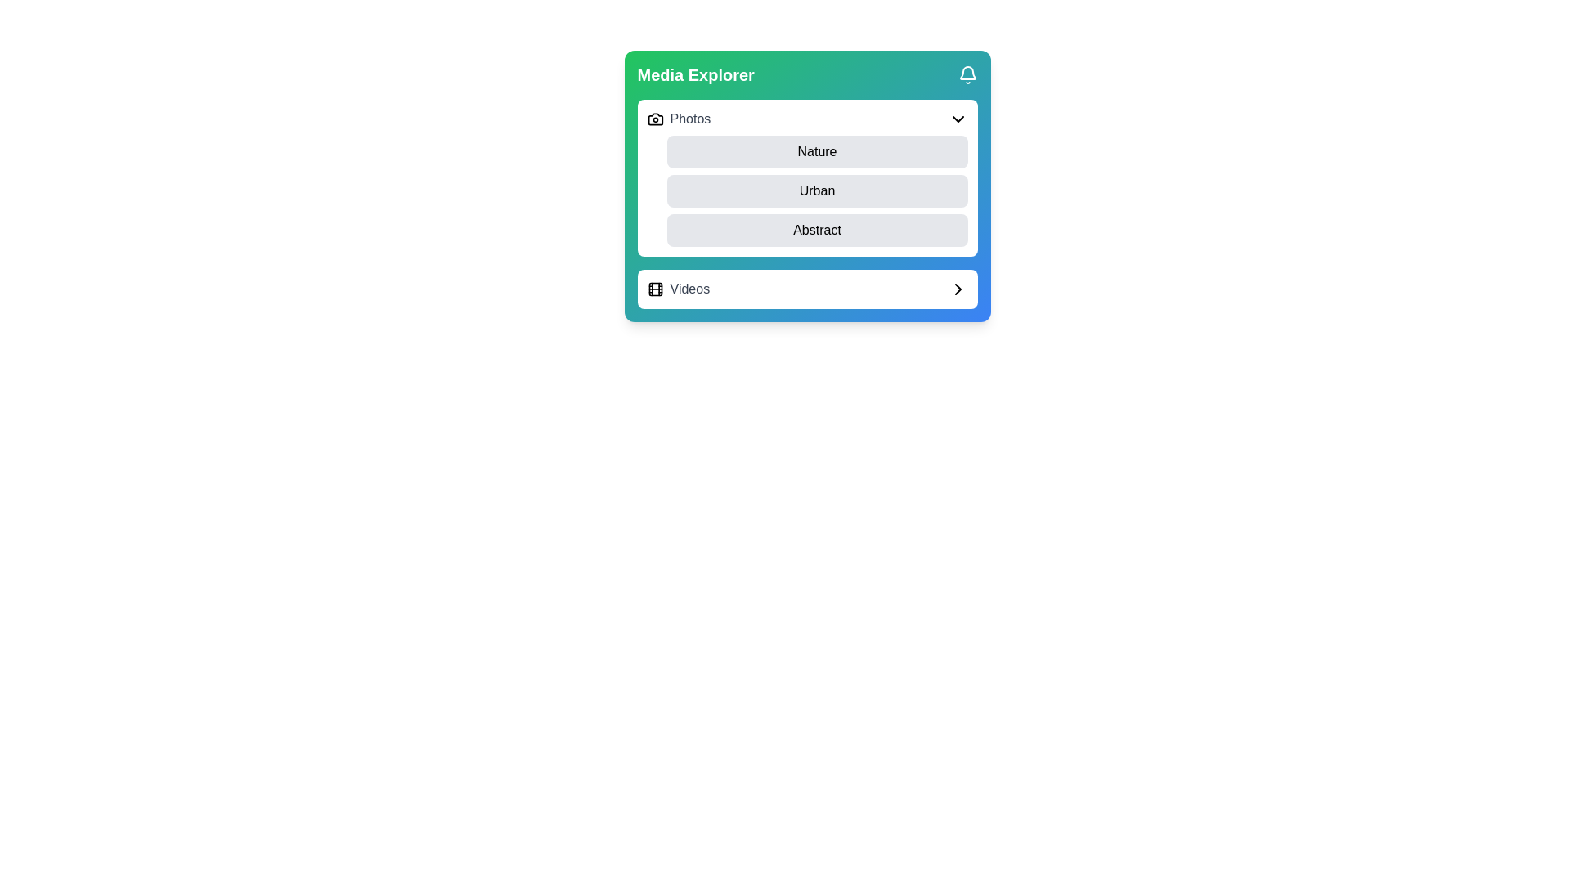  I want to click on the 'Nature' category selector button located within the 'Photos' section of the 'Media Explorer', so click(817, 151).